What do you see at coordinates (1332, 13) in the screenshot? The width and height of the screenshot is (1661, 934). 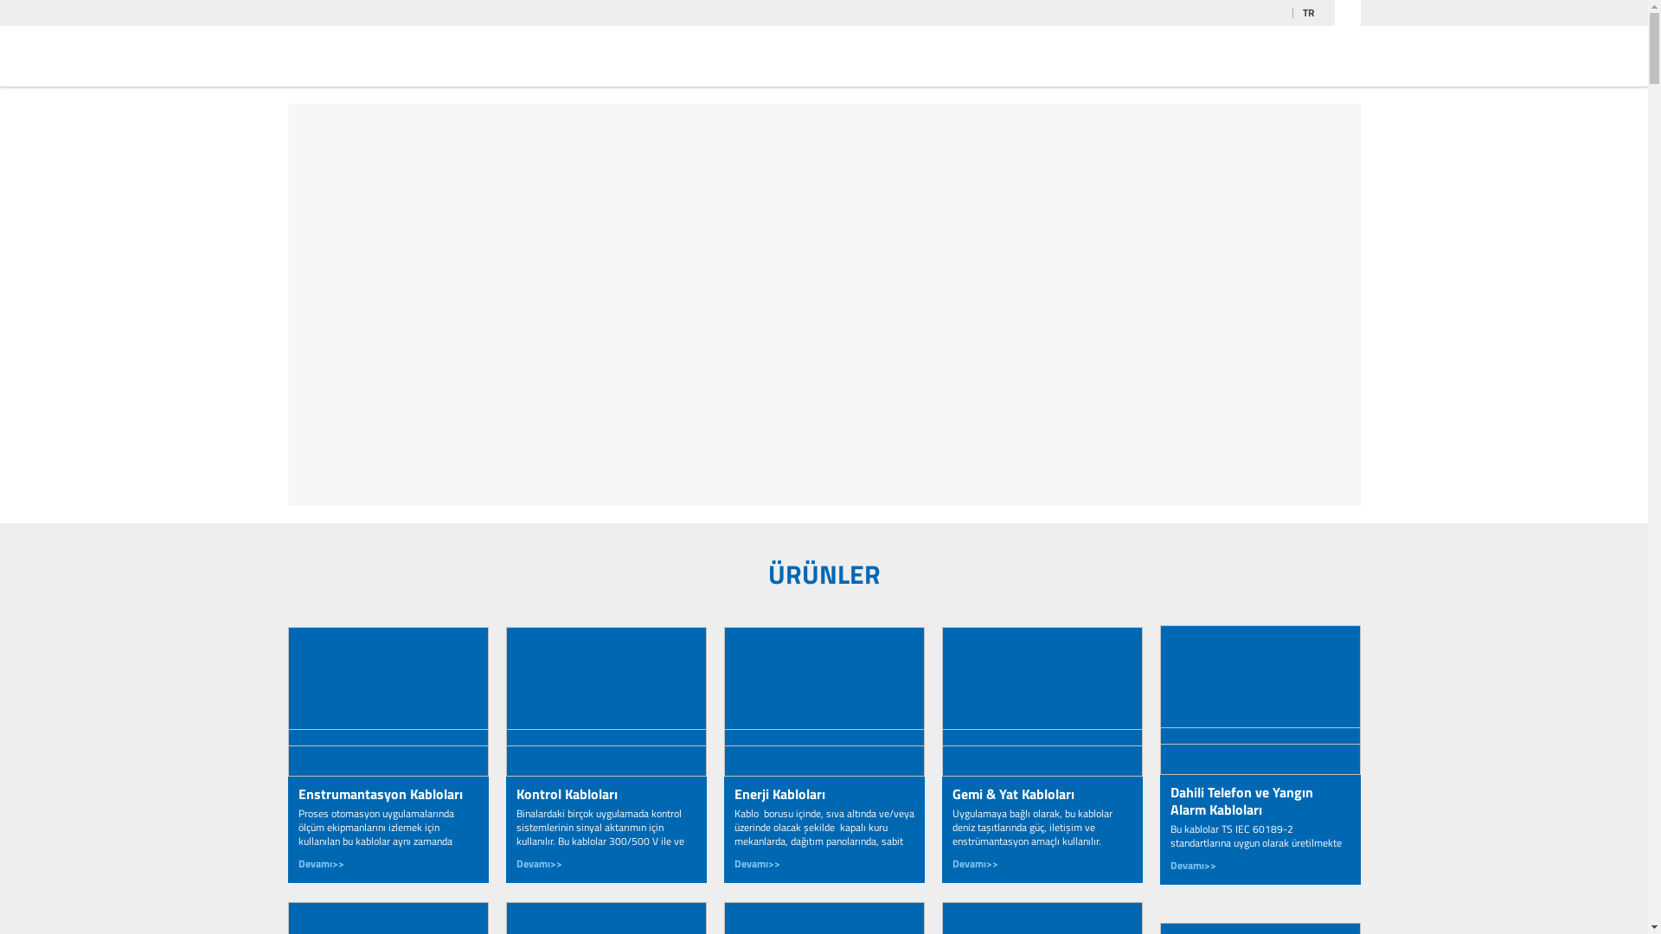 I see `'ARA'` at bounding box center [1332, 13].